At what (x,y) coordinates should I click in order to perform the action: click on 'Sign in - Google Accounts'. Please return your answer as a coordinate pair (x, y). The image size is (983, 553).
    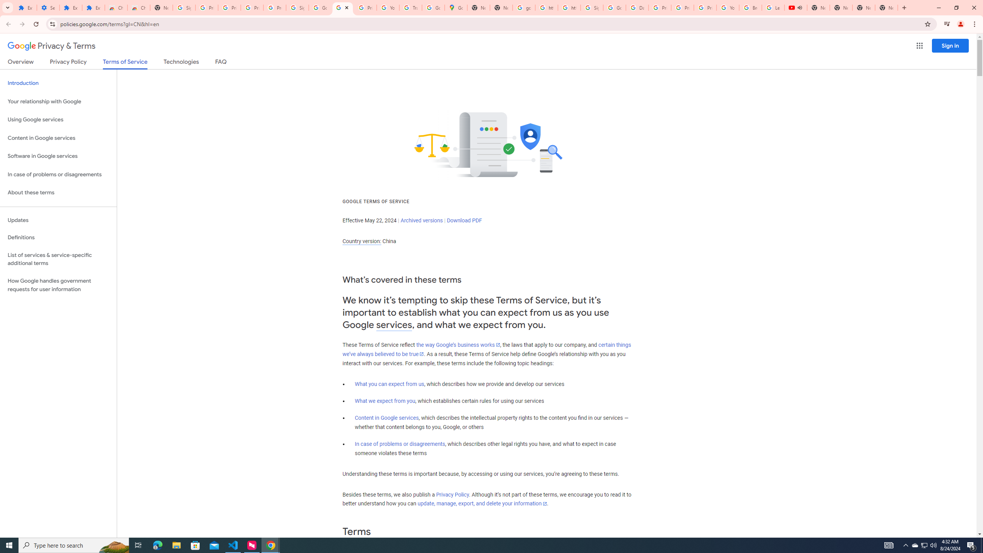
    Looking at the image, I should click on (591, 7).